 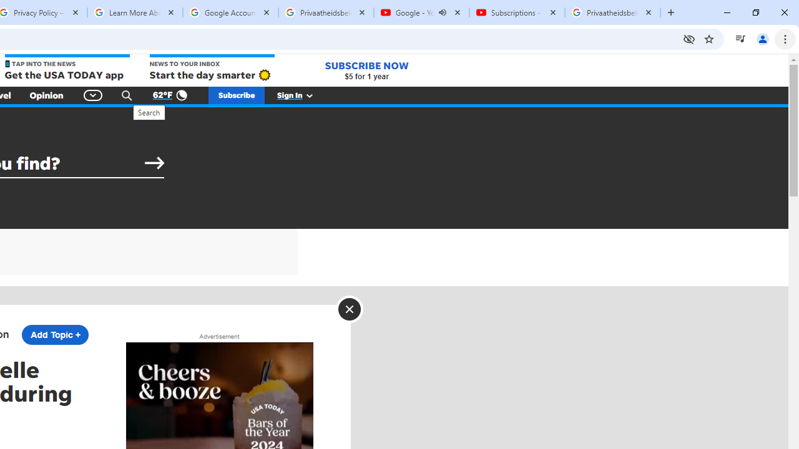 What do you see at coordinates (46, 95) in the screenshot?
I see `'Opinion'` at bounding box center [46, 95].